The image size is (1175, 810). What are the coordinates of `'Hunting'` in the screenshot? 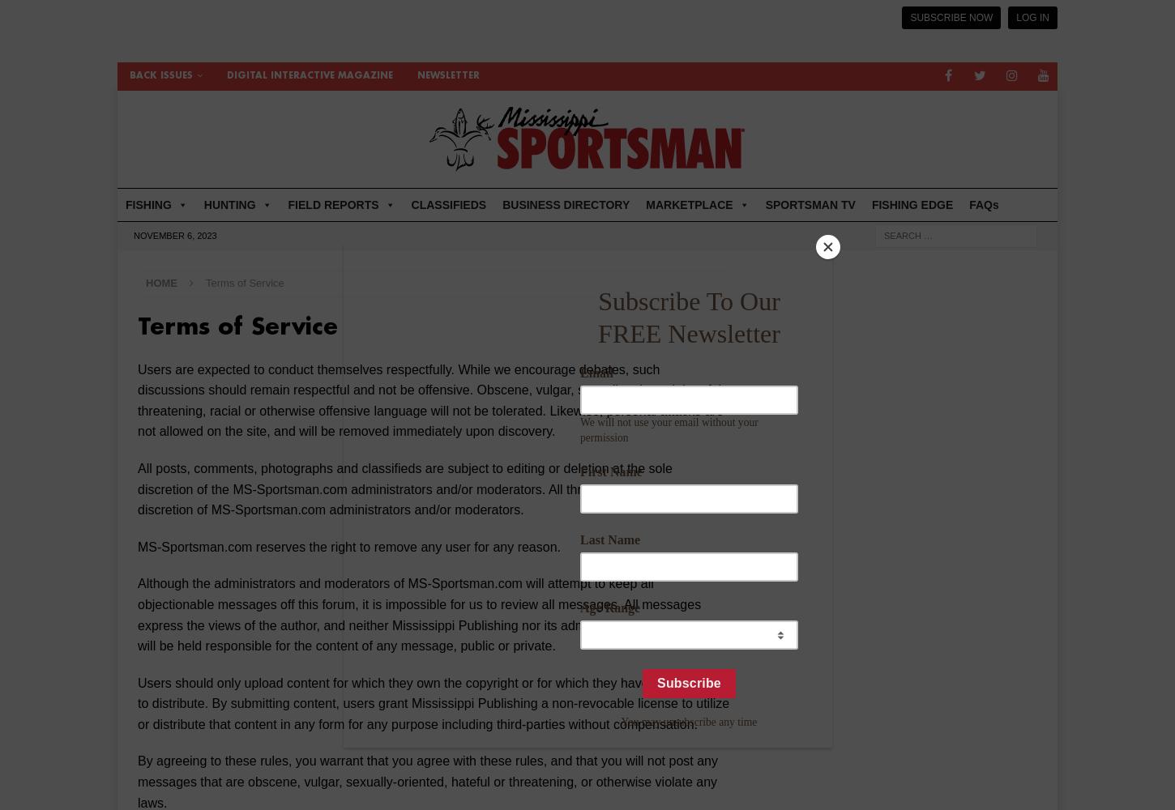 It's located at (664, 271).